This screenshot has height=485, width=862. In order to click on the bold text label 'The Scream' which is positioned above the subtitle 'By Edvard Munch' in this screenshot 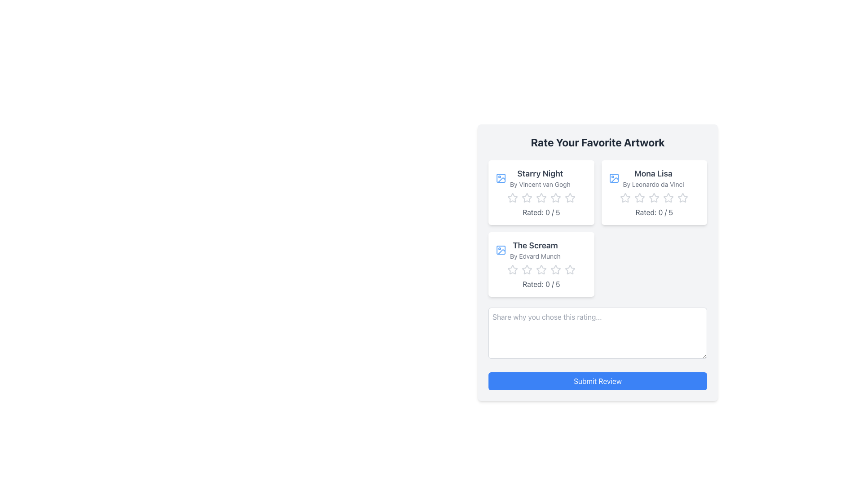, I will do `click(535, 246)`.